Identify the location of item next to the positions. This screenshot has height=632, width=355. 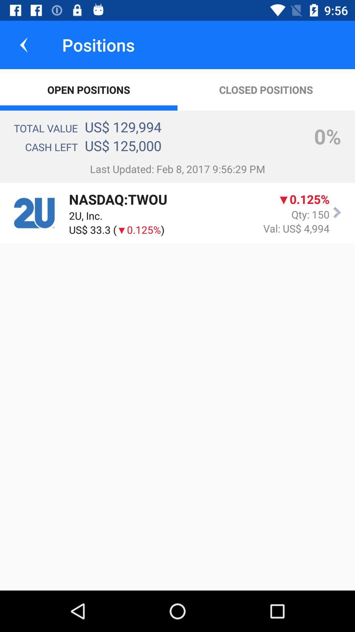
(24, 44).